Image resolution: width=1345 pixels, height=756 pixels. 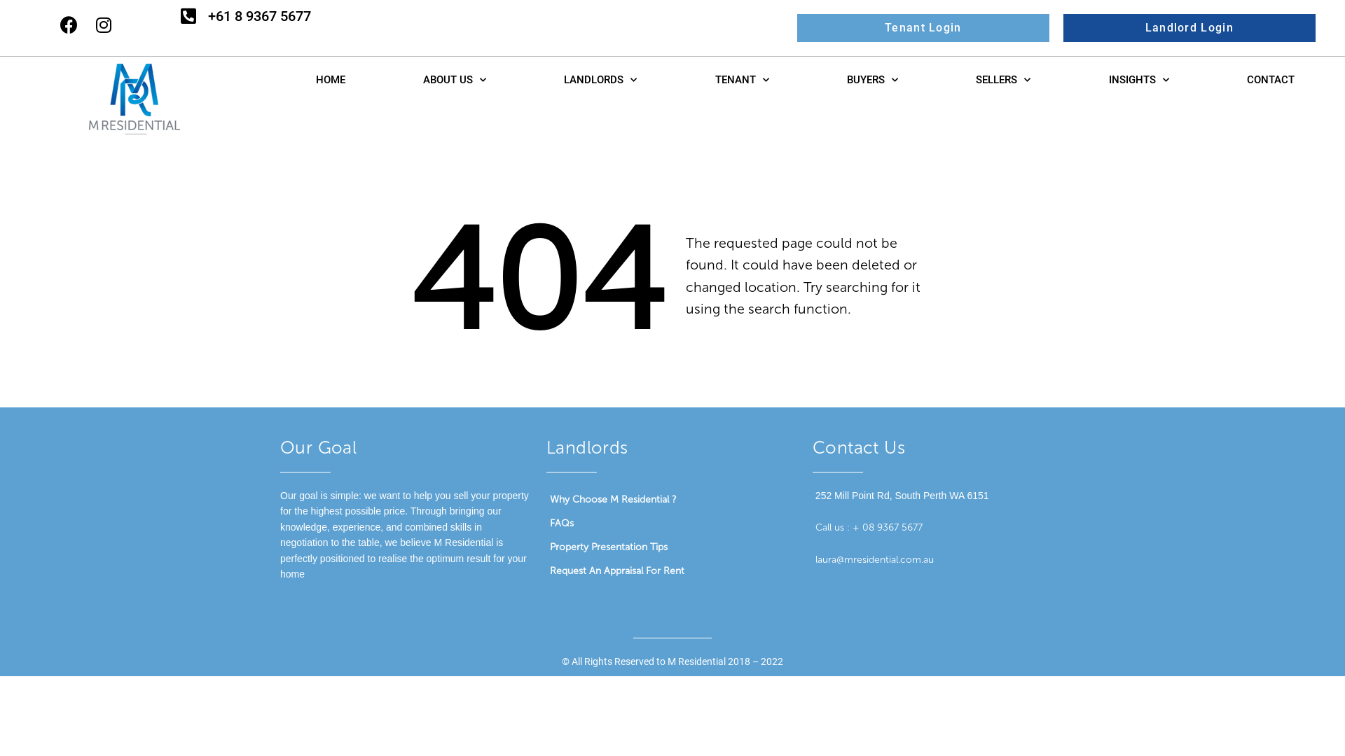 What do you see at coordinates (329, 80) in the screenshot?
I see `'HOME'` at bounding box center [329, 80].